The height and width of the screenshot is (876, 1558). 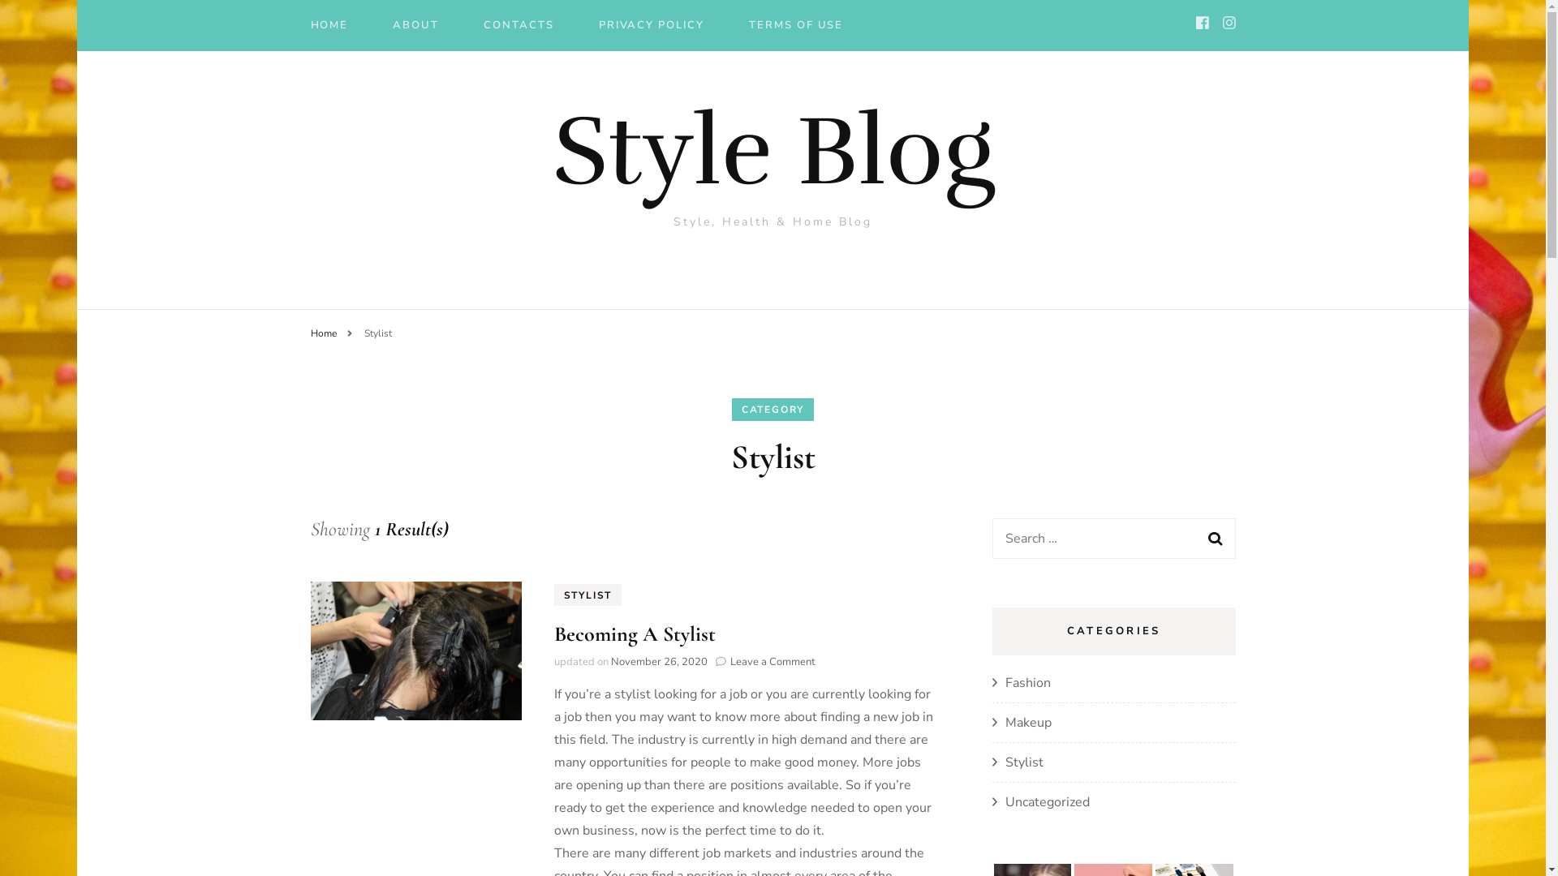 I want to click on 'Stylist', so click(x=377, y=333).